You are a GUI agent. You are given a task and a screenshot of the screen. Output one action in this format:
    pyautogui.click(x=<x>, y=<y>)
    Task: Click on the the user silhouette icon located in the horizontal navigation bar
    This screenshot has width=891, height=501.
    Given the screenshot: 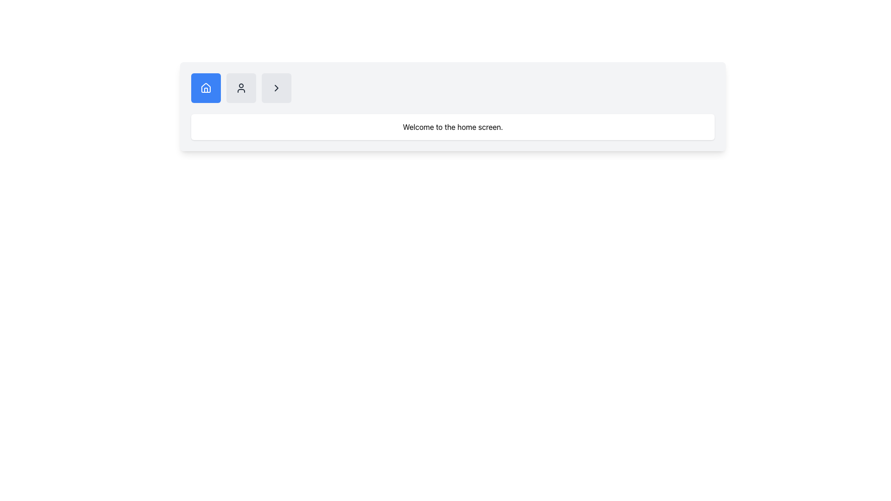 What is the action you would take?
    pyautogui.click(x=241, y=88)
    